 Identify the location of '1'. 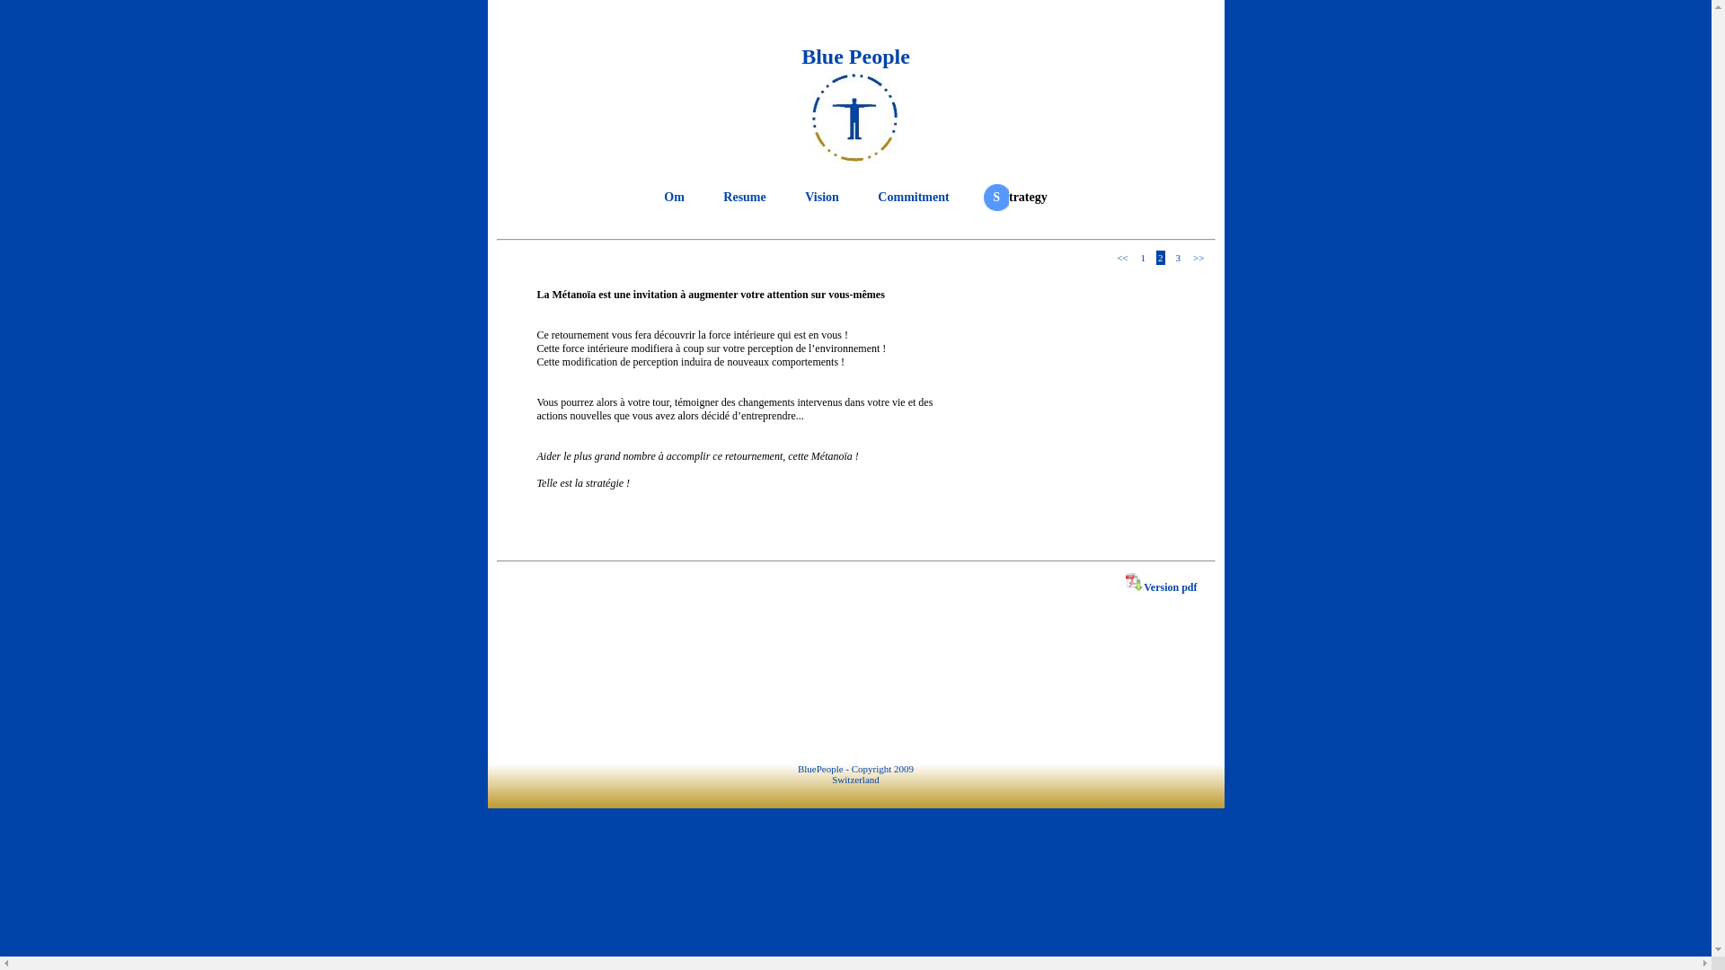
(1142, 257).